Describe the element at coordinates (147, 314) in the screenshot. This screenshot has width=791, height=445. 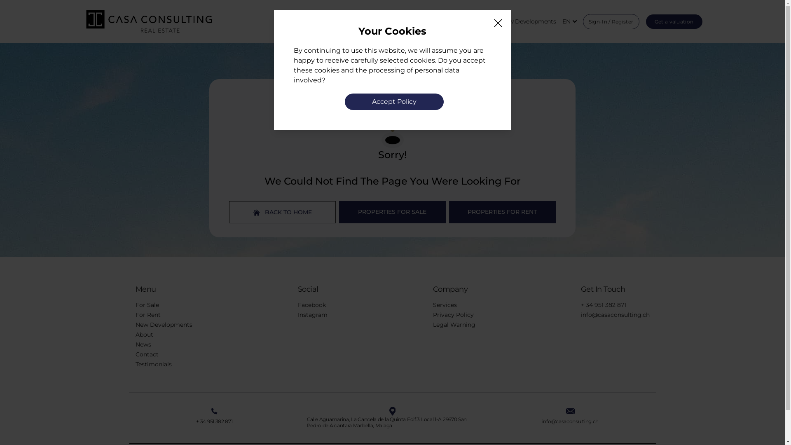
I see `'For Rent'` at that location.